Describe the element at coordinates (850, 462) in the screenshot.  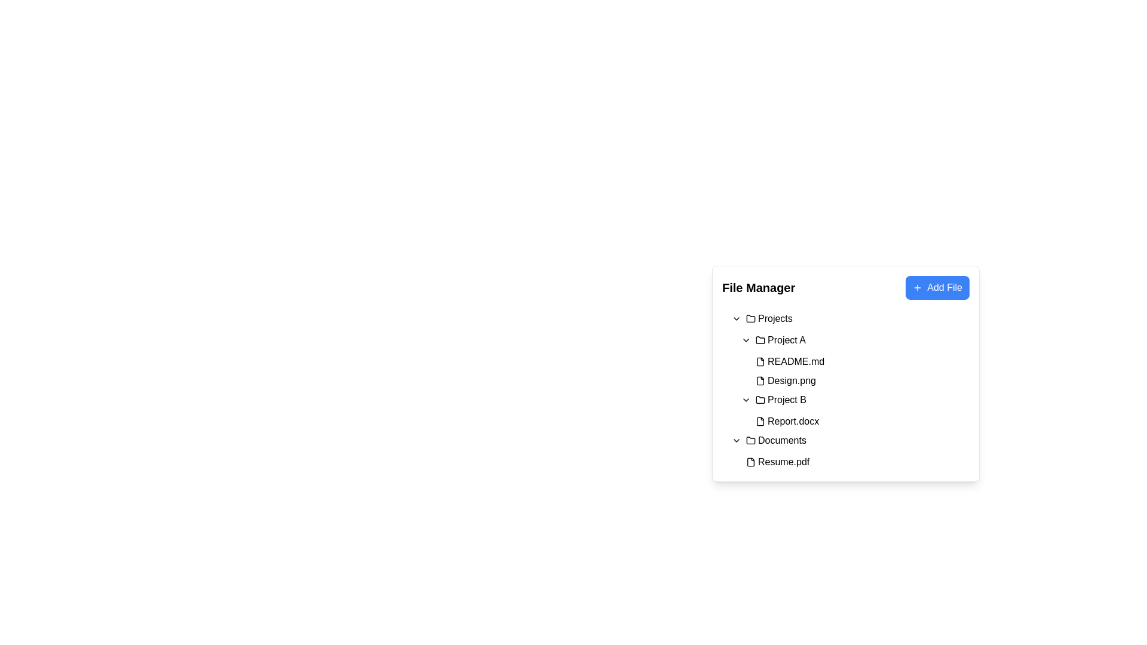
I see `the List item representing the file 'Resume.pdf' in the 'Documents' section` at that location.